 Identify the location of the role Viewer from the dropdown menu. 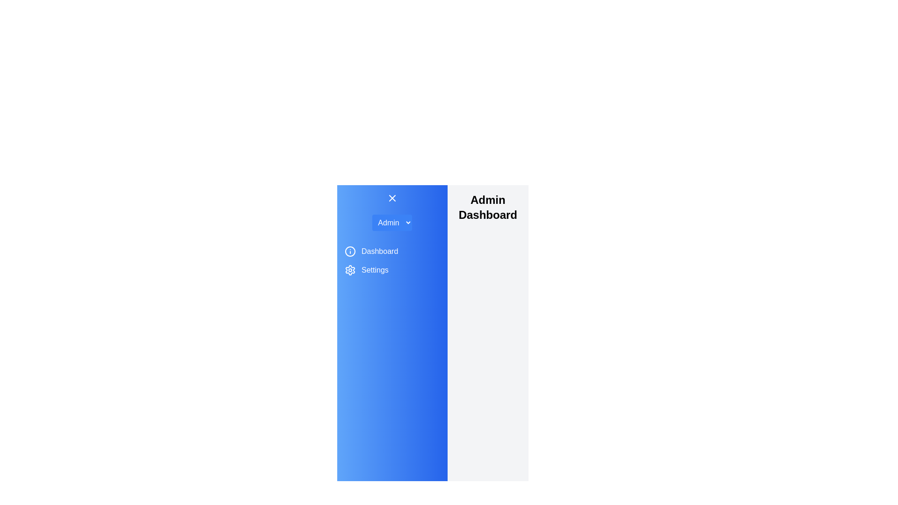
(392, 223).